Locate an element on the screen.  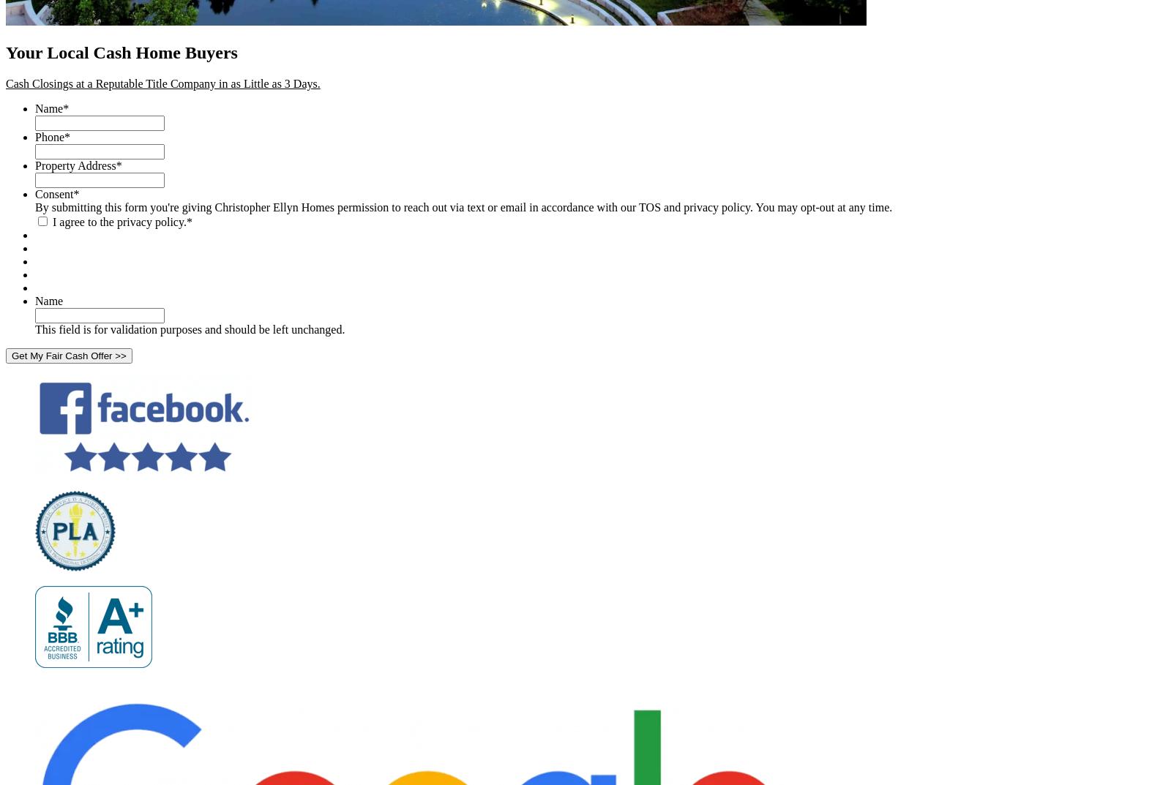
'Property Address' is located at coordinates (75, 165).